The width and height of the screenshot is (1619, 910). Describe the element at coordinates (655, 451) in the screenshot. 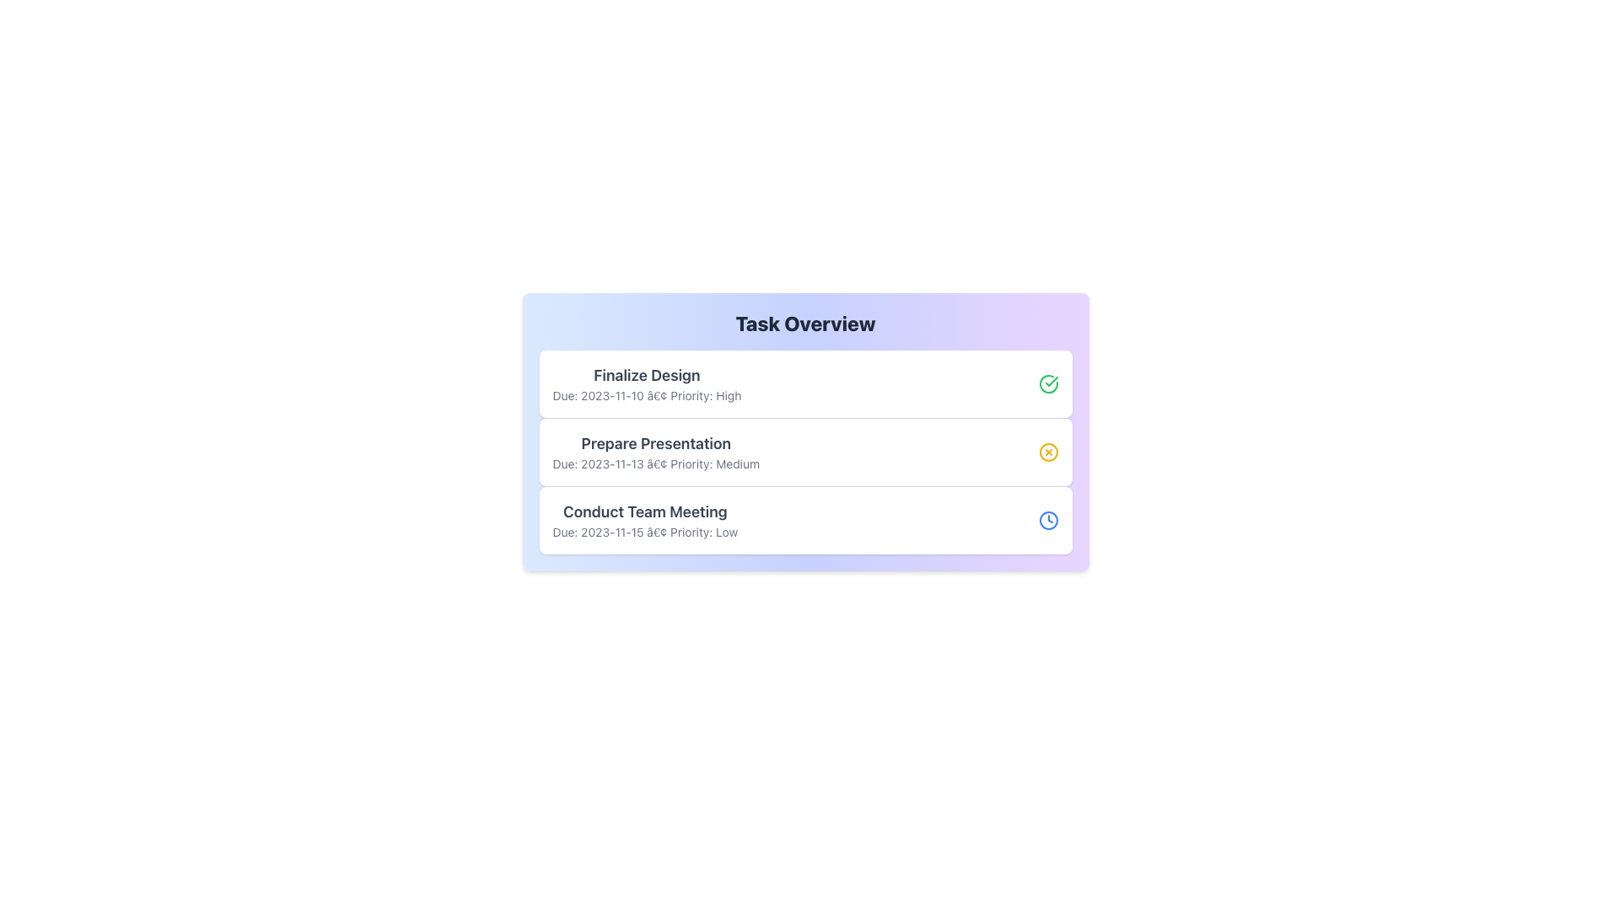

I see `the second list item in the task management interface that contains the task's title, due date, and priority level` at that location.